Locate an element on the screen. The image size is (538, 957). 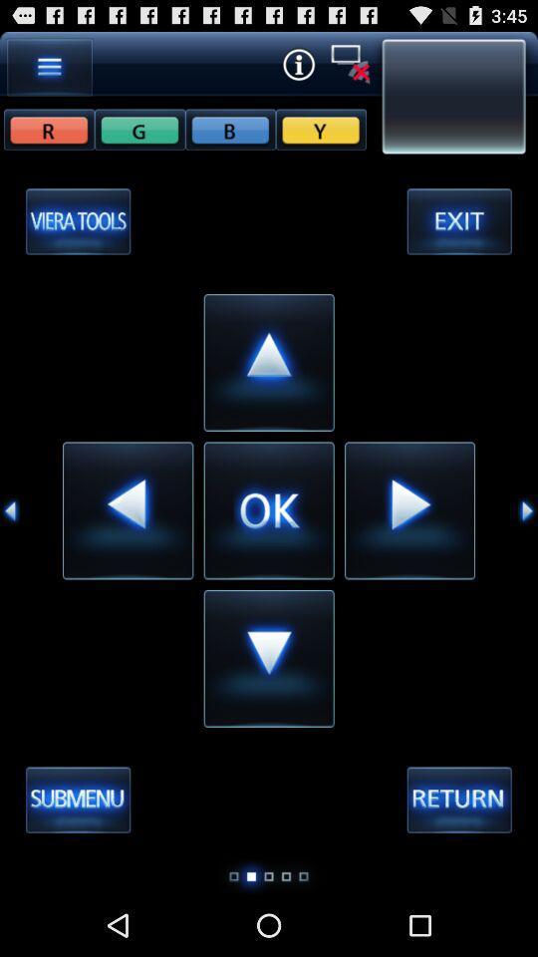
the second icon below menu is located at coordinates (138, 128).